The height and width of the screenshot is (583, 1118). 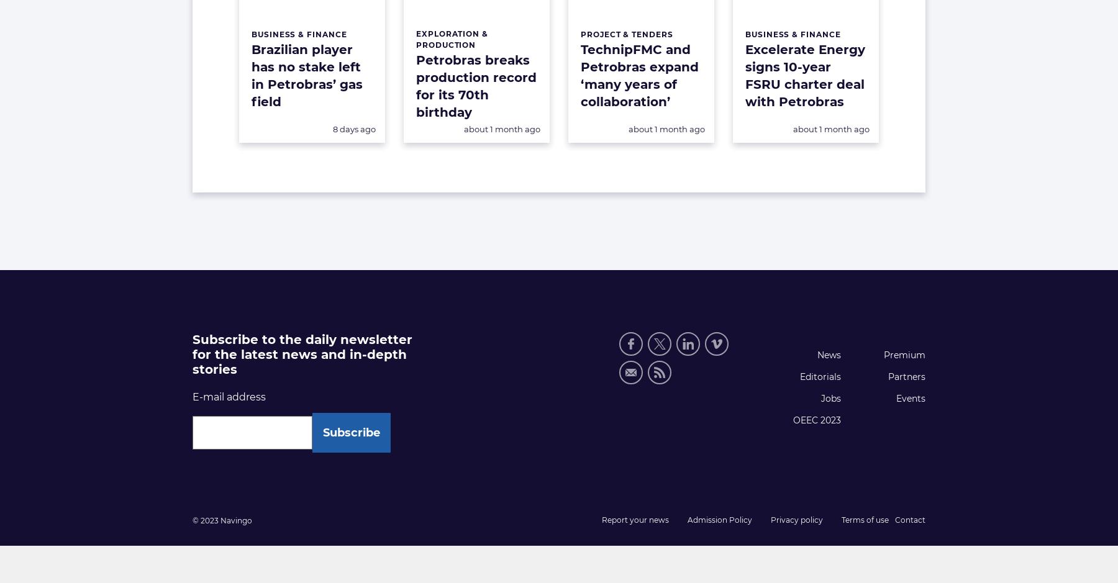 What do you see at coordinates (601, 518) in the screenshot?
I see `'Report your news'` at bounding box center [601, 518].